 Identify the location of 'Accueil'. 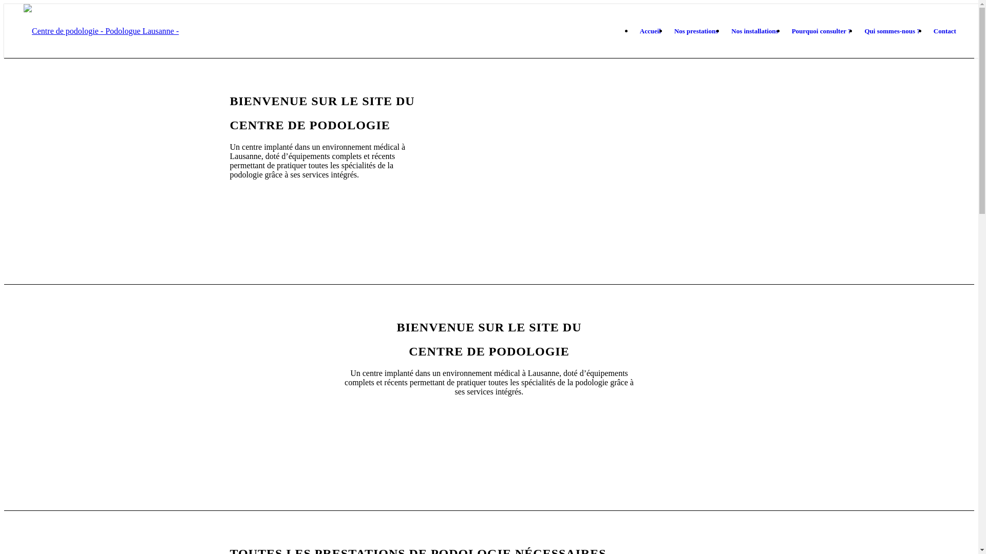
(650, 30).